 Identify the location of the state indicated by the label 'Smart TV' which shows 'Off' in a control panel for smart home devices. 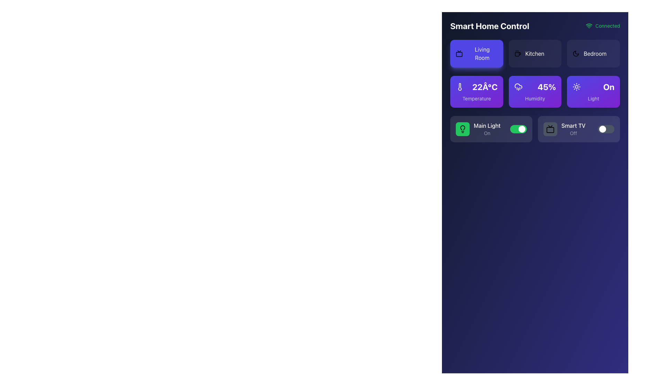
(573, 129).